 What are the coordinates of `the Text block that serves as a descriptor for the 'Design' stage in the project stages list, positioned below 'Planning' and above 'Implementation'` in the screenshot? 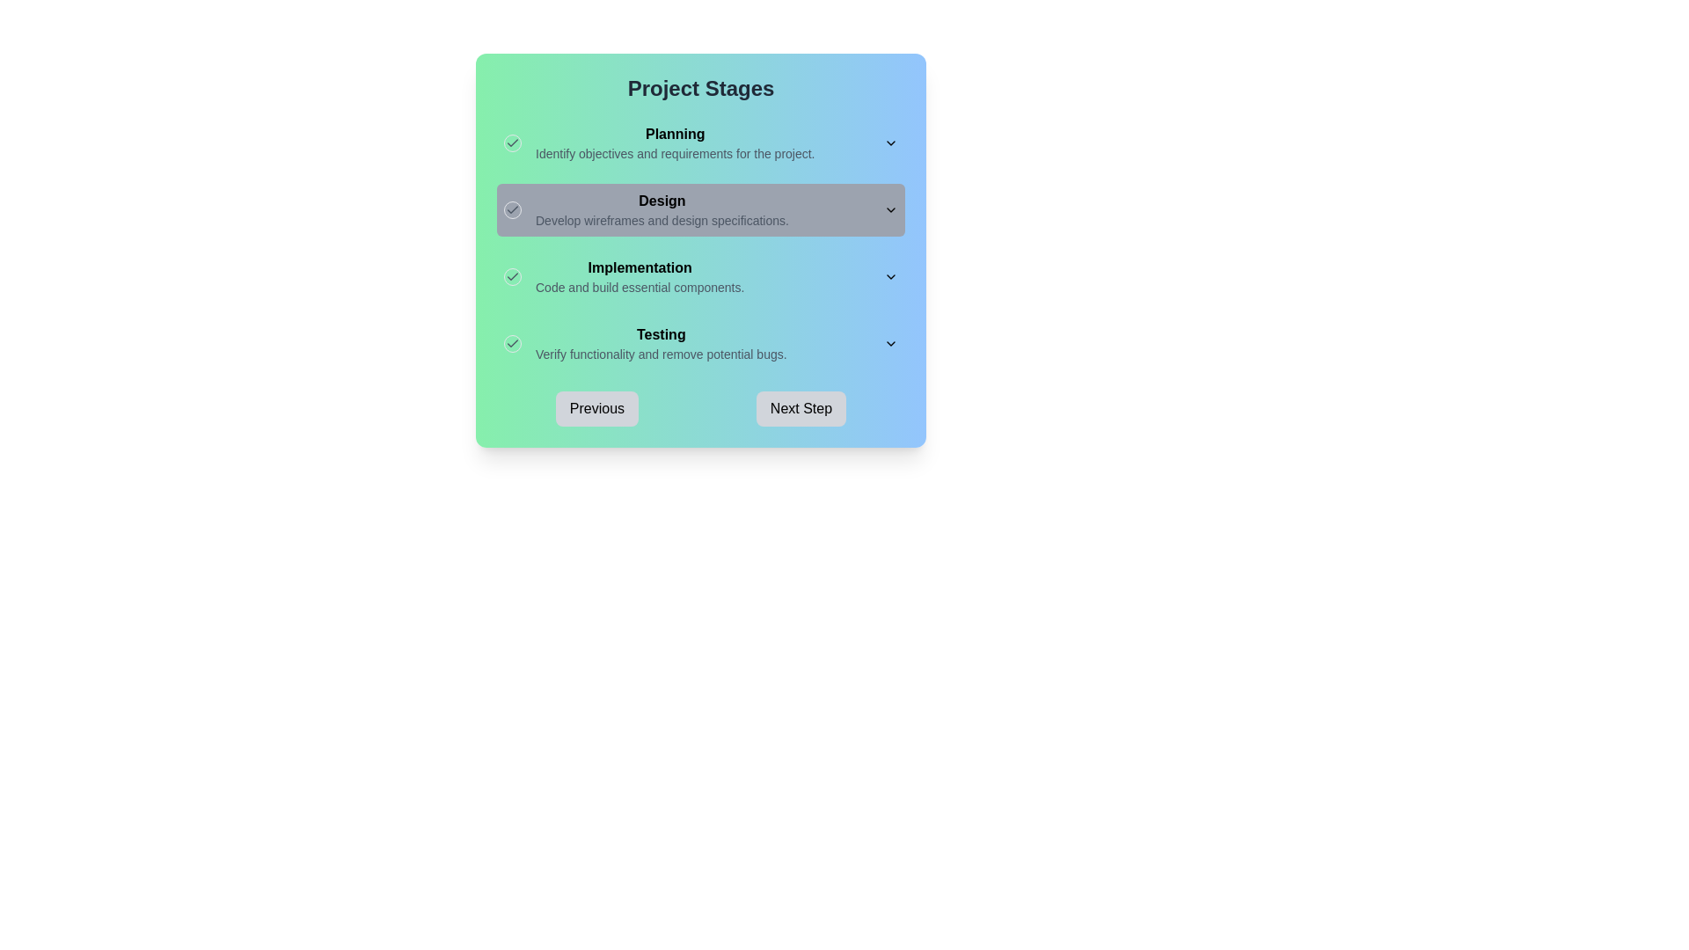 It's located at (662, 209).